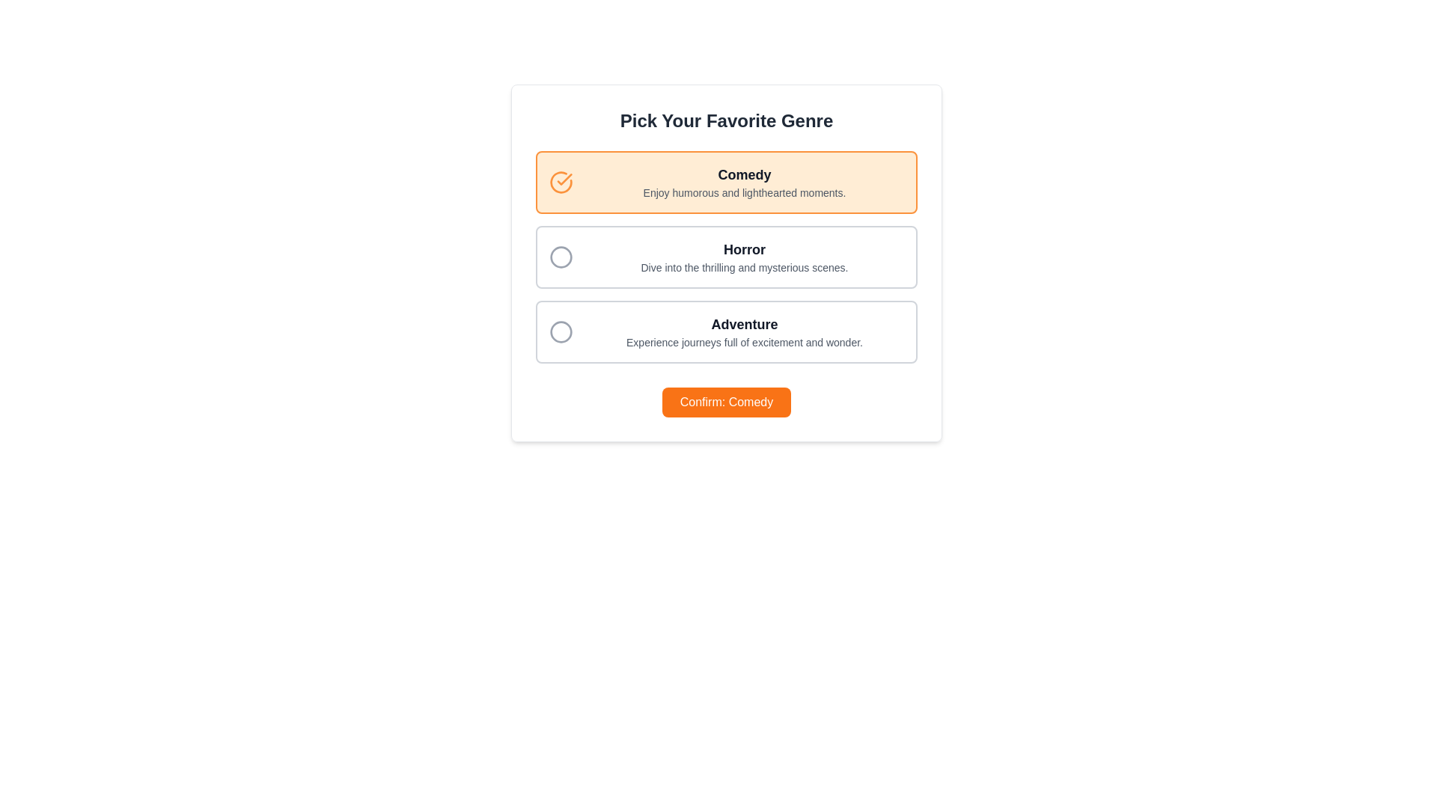 This screenshot has height=808, width=1437. I want to click on the 'Horror' option card in the genre selection list, so click(726, 256).